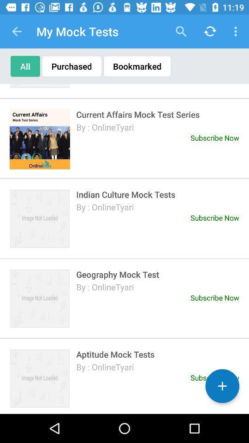 Image resolution: width=249 pixels, height=443 pixels. I want to click on the add icon, so click(222, 386).